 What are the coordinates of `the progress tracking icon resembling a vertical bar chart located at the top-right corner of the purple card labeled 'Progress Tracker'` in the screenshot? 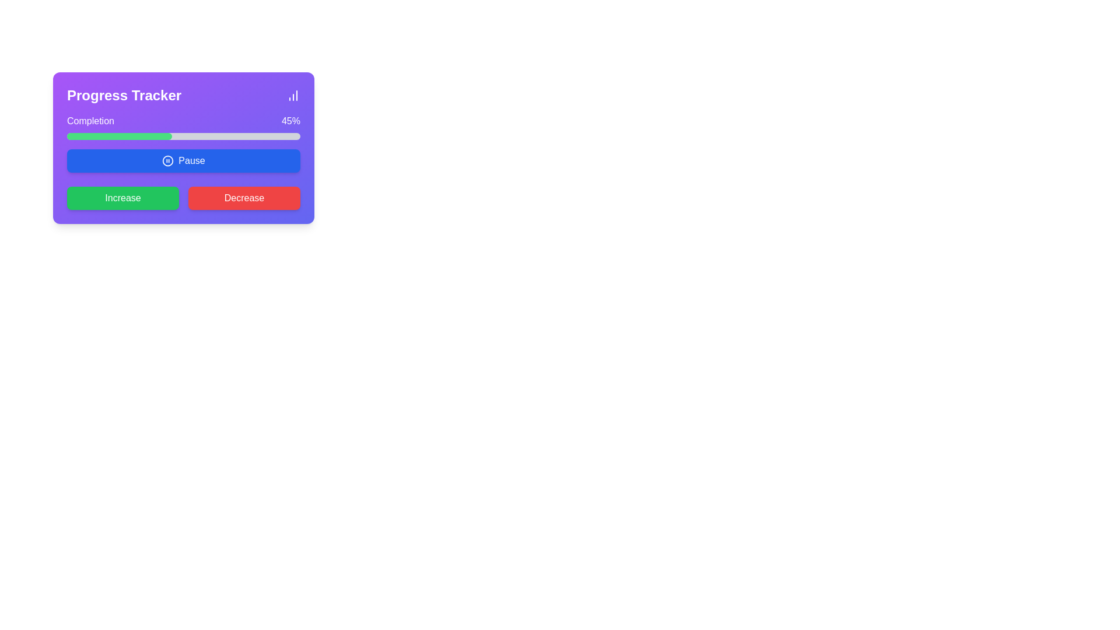 It's located at (293, 95).